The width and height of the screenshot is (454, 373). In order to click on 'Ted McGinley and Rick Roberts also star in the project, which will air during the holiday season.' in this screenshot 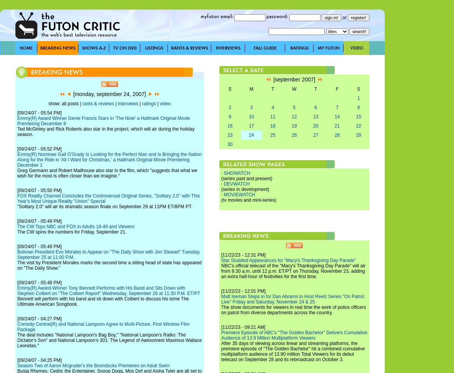, I will do `click(106, 131)`.